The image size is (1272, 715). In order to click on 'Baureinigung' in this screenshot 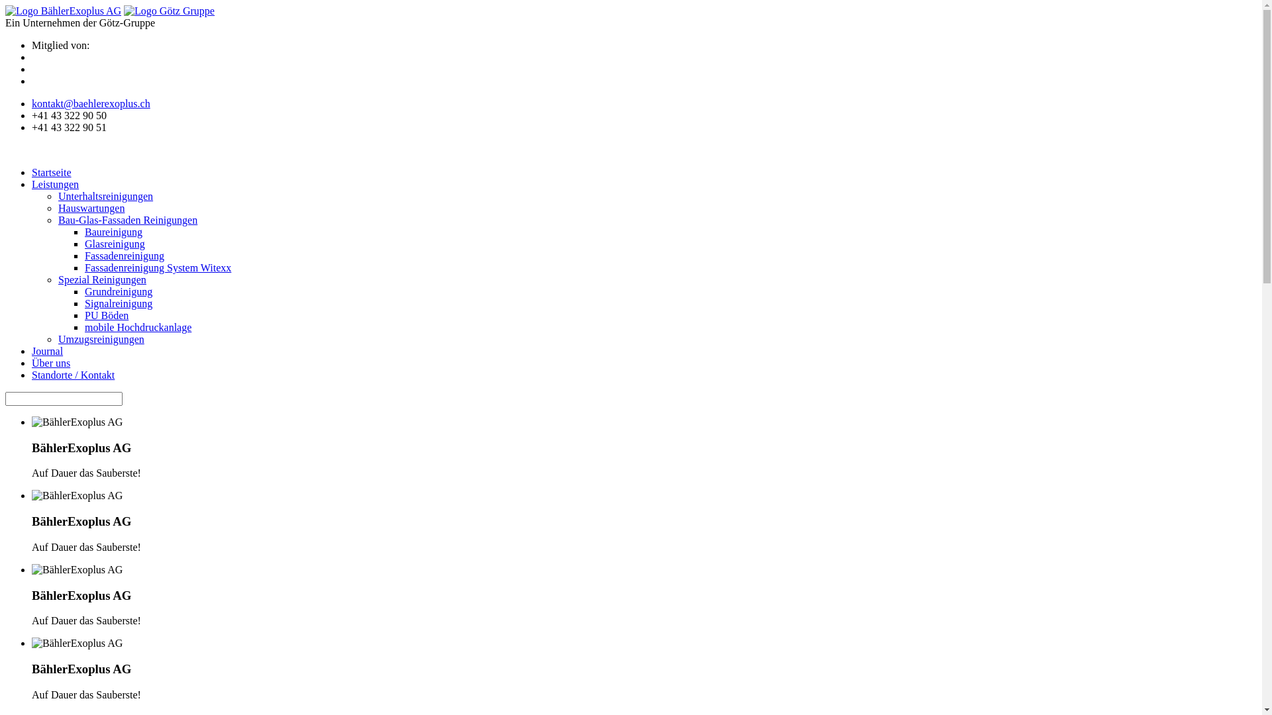, I will do `click(113, 231)`.